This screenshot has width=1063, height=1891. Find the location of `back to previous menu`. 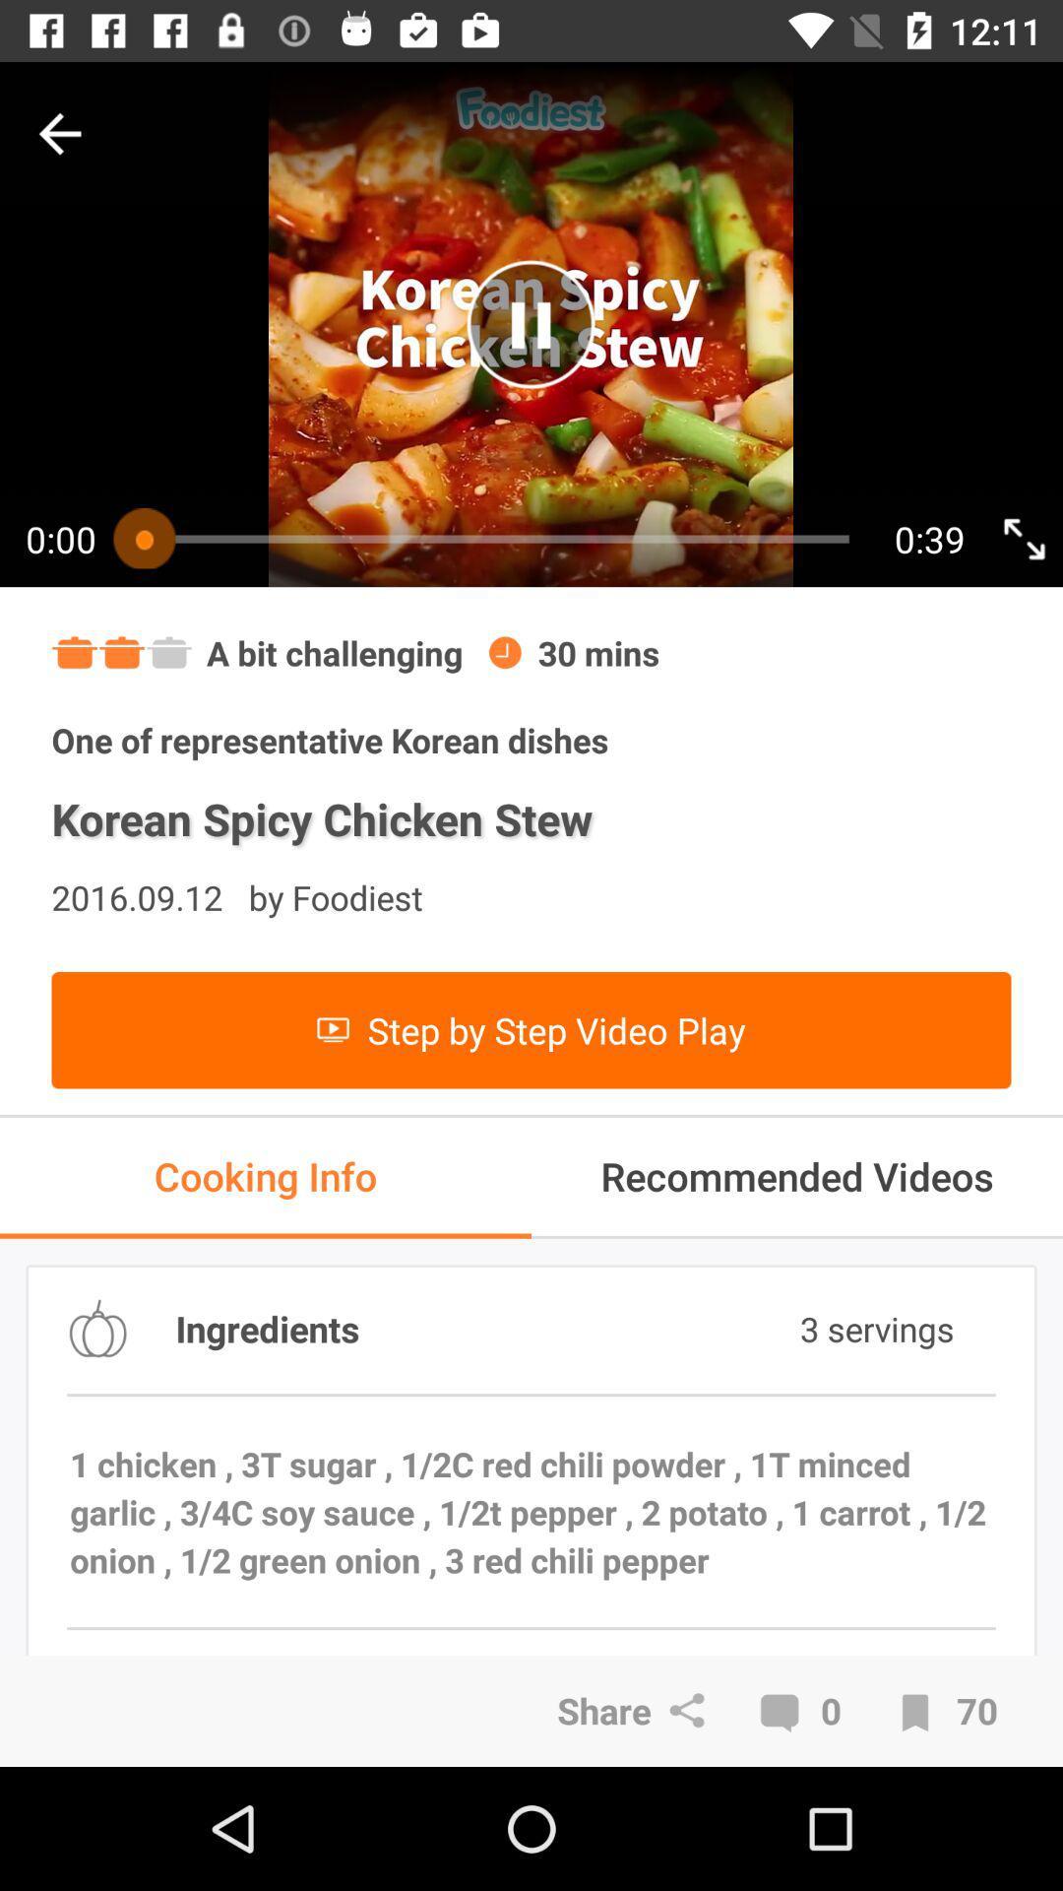

back to previous menu is located at coordinates (59, 133).